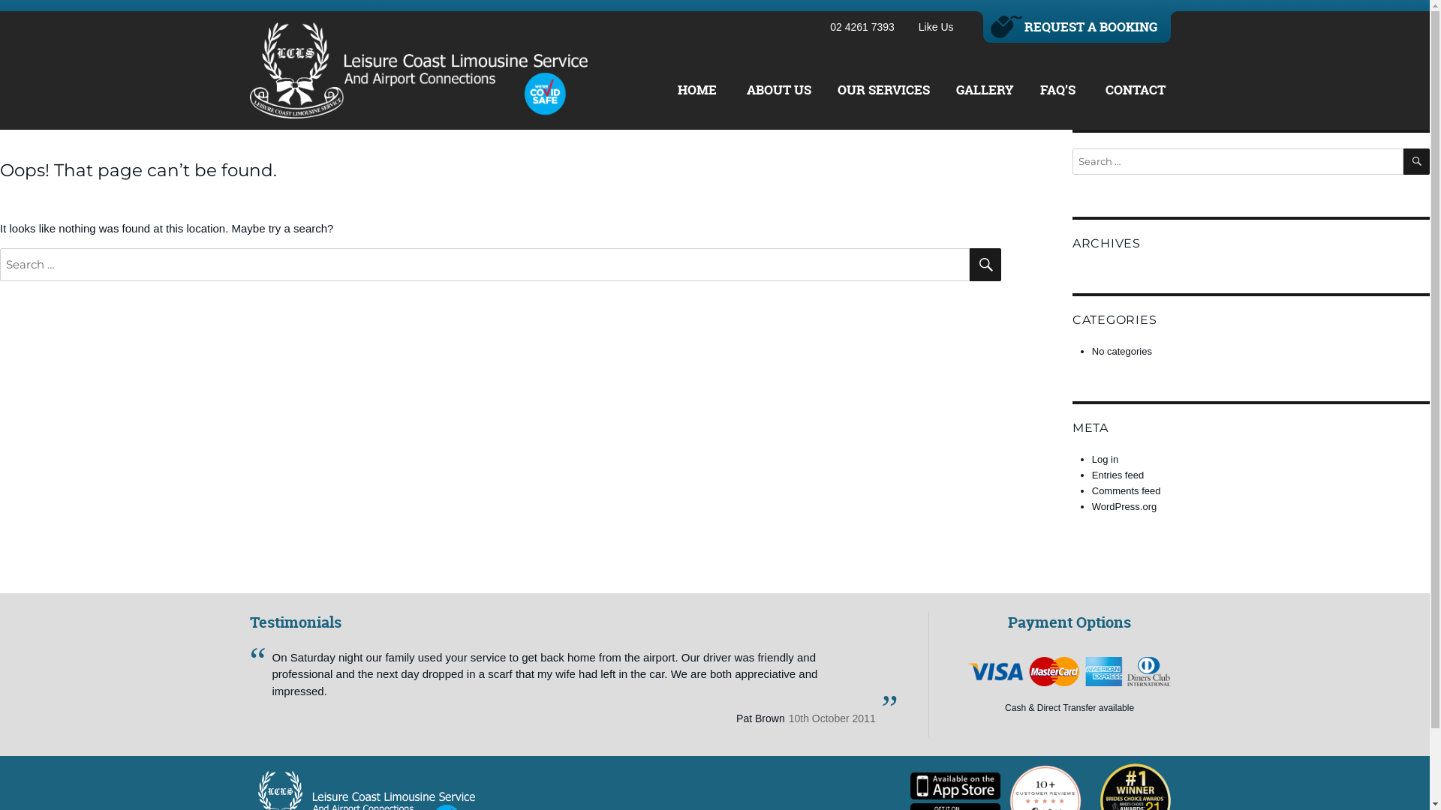 The width and height of the screenshot is (1441, 810). I want to click on 'ABOUT US', so click(742, 89).